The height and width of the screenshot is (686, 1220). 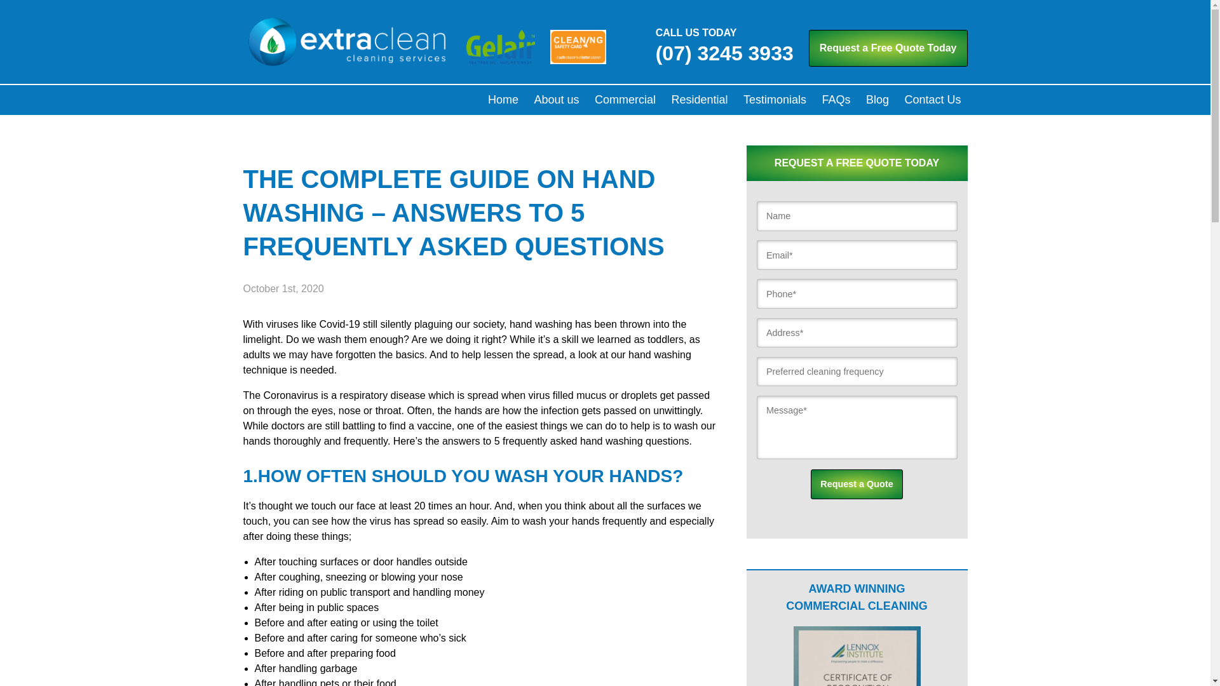 I want to click on 'CALL US TODAY, so click(x=714, y=48).